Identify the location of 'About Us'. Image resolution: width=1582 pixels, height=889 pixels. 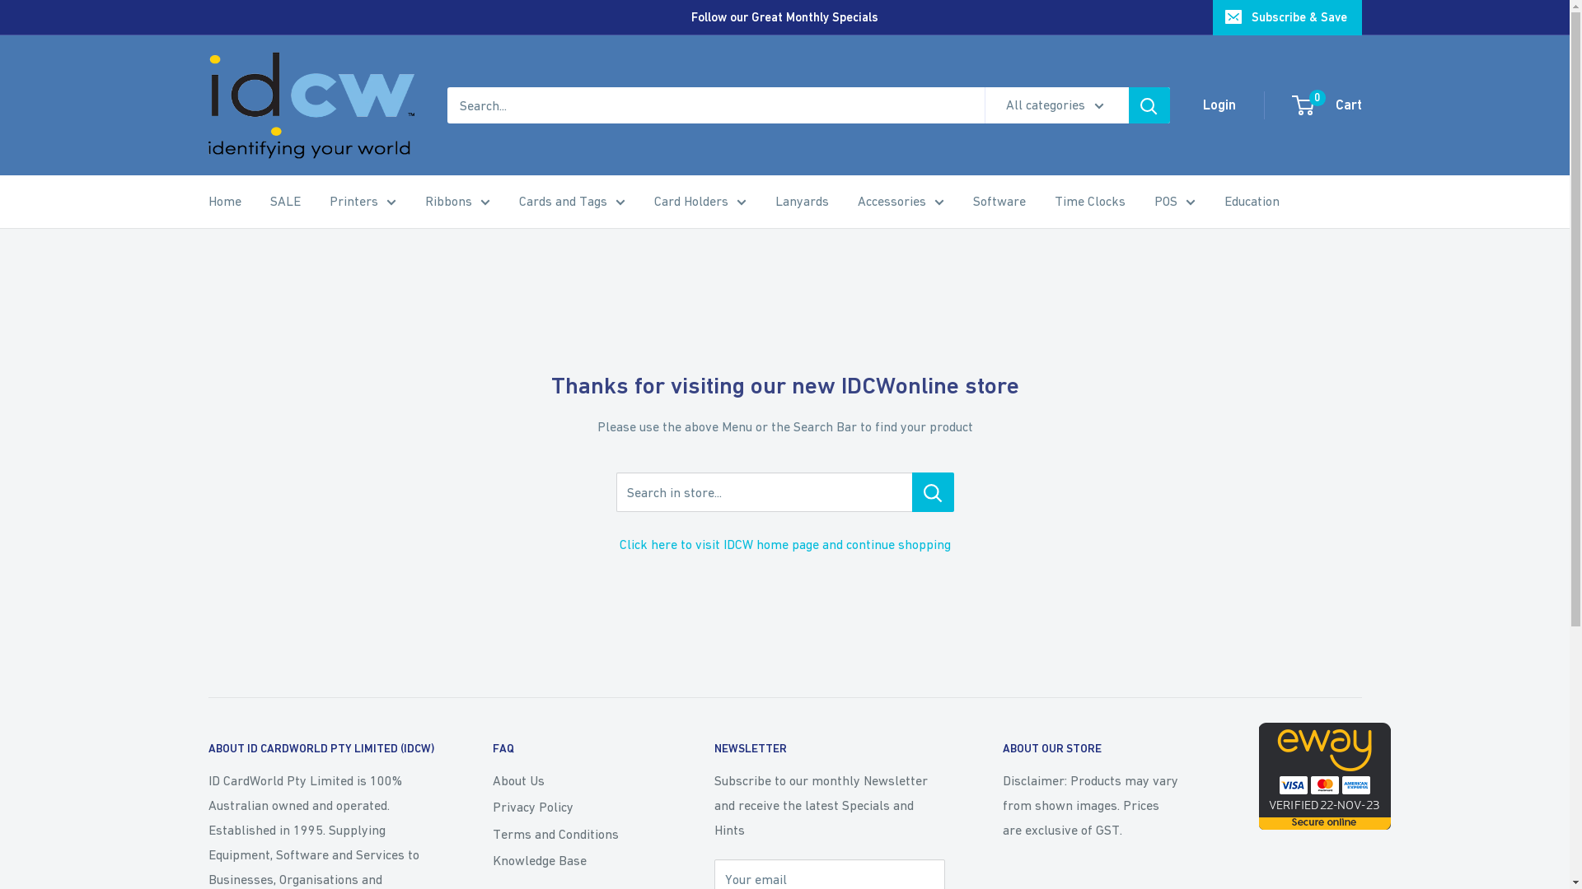
(574, 780).